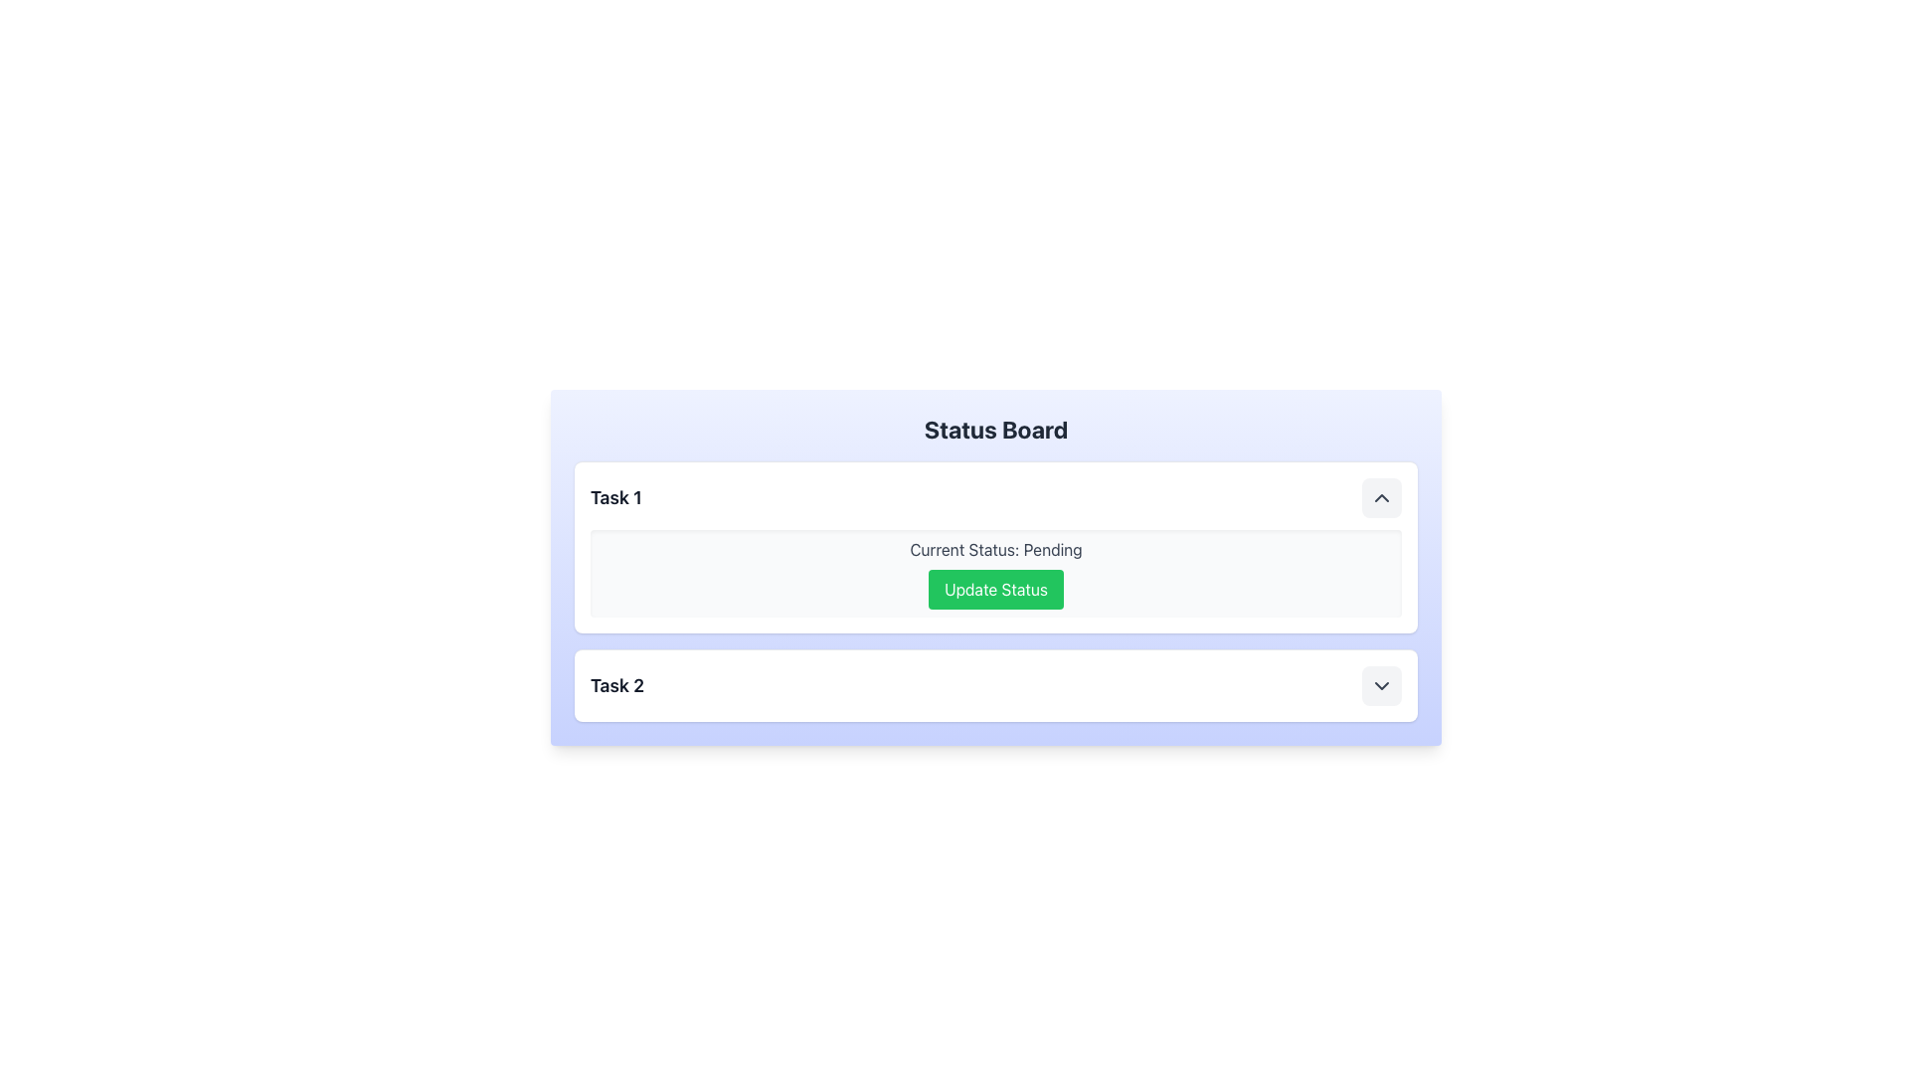 This screenshot has width=1909, height=1074. Describe the element at coordinates (996, 429) in the screenshot. I see `the 'Status Board' text header, which is styled in a large, bold font and dark gray color, prominently positioned within a light indigo gradient background` at that location.